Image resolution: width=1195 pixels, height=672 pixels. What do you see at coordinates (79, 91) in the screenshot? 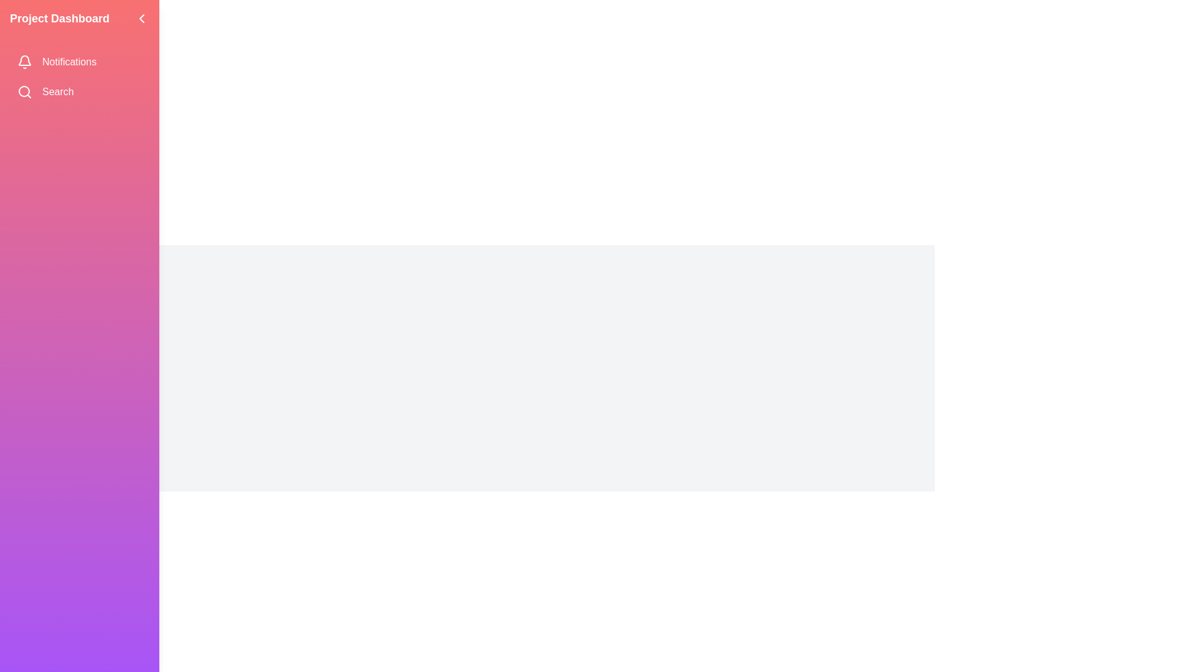
I see `the menu item labeled Search` at bounding box center [79, 91].